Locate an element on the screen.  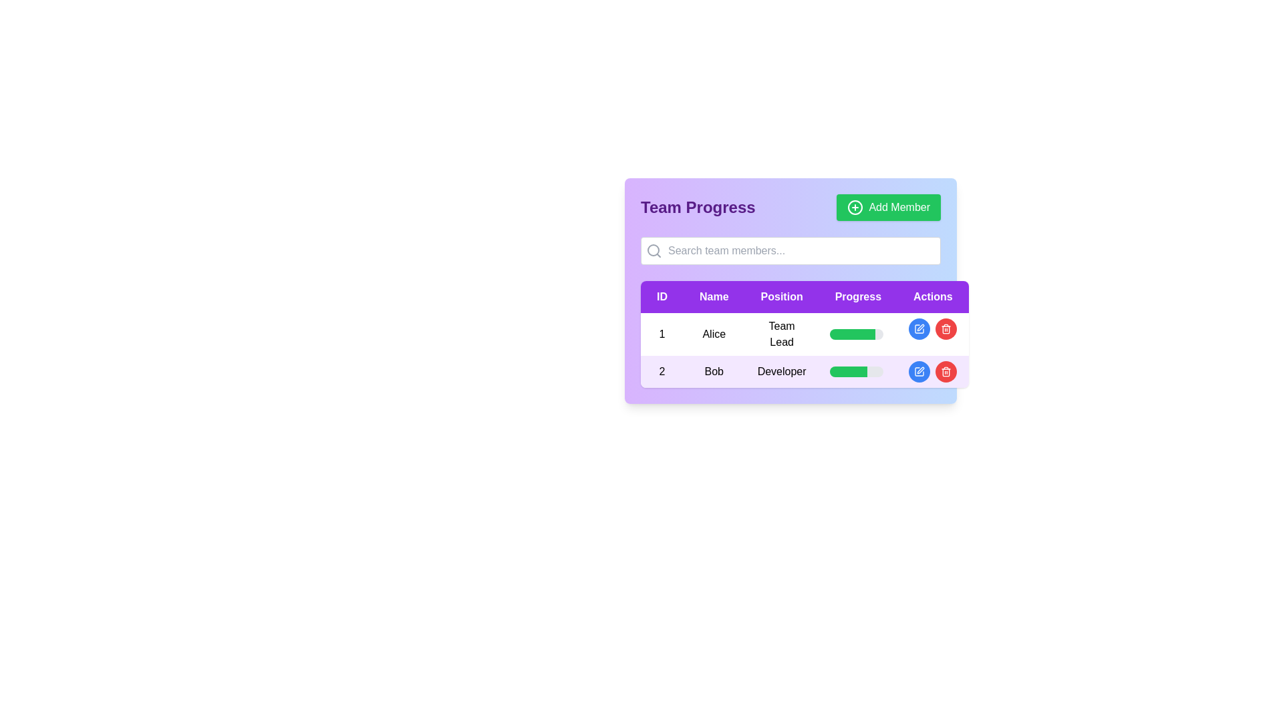
the 'Edit' icon button located in the second row of the 'Actions' column is located at coordinates (919, 329).